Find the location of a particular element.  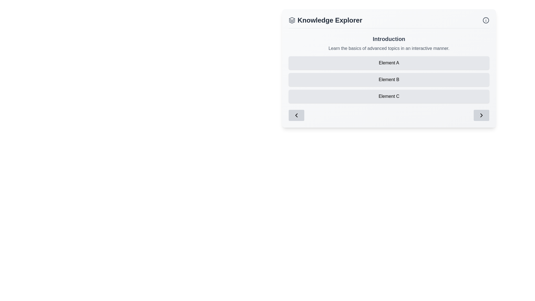

the leftmost rectangular button with rounded corners and a black leftward-facing chevron icon is located at coordinates (296, 115).